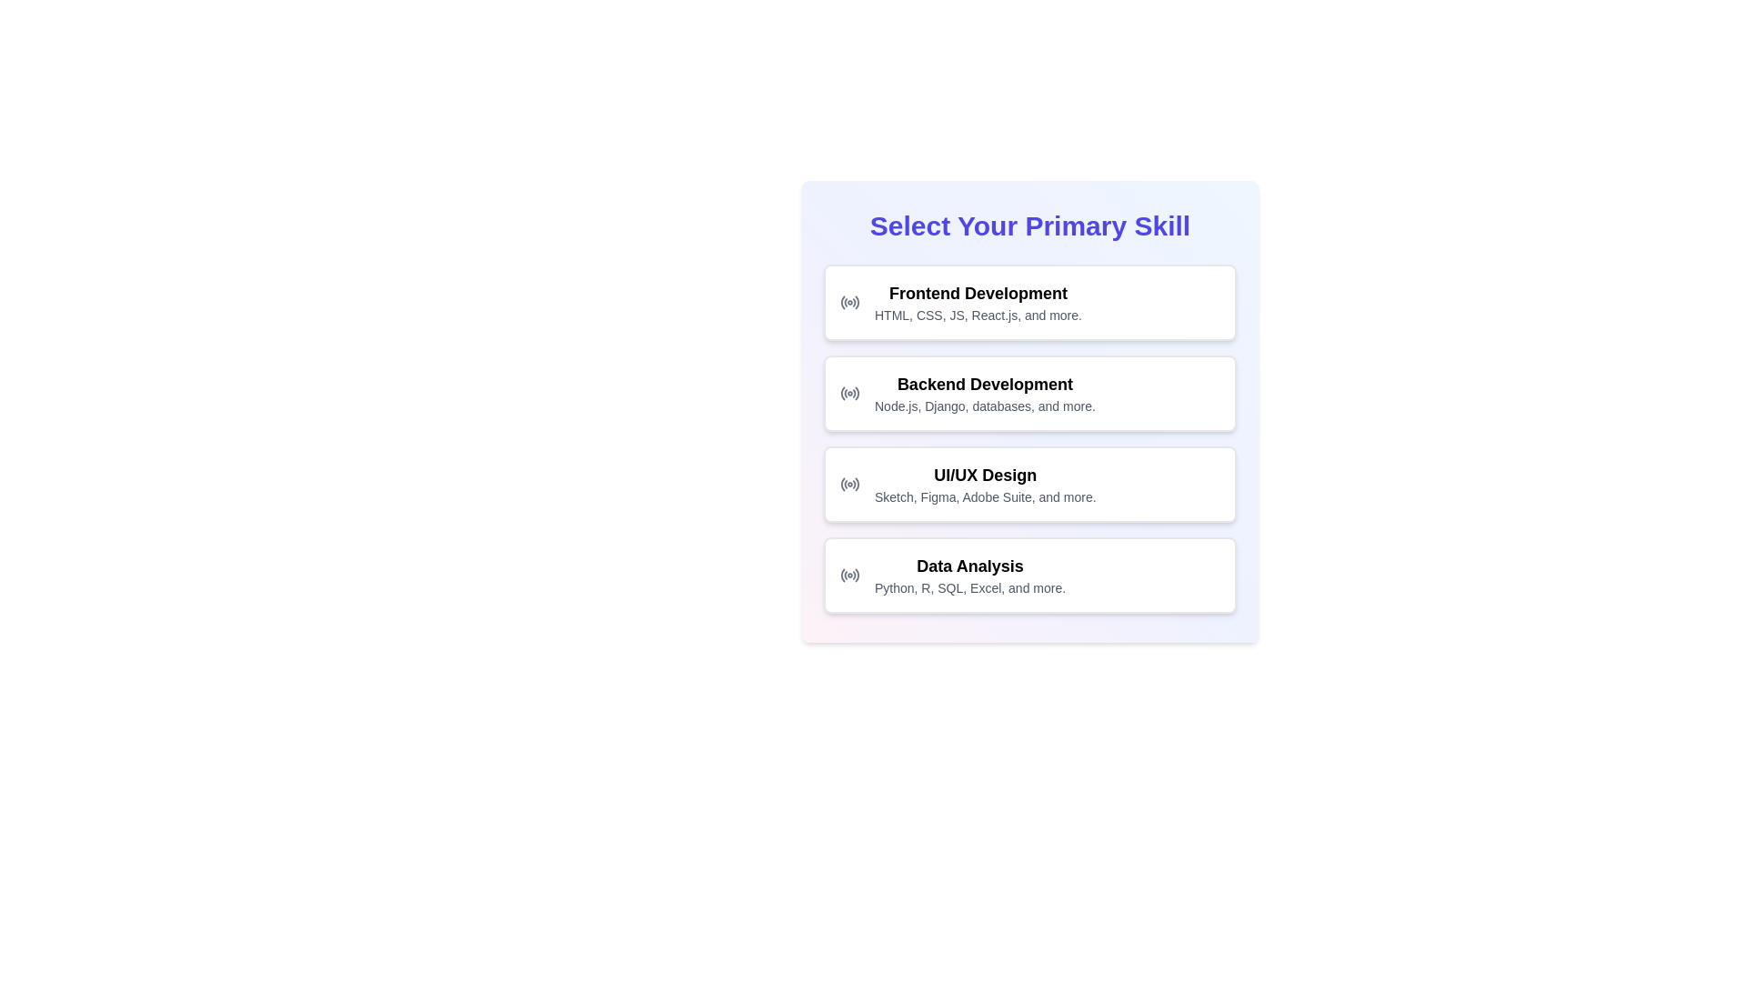 This screenshot has width=1746, height=982. I want to click on the 'UI/UX Design' text block, so click(984, 483).